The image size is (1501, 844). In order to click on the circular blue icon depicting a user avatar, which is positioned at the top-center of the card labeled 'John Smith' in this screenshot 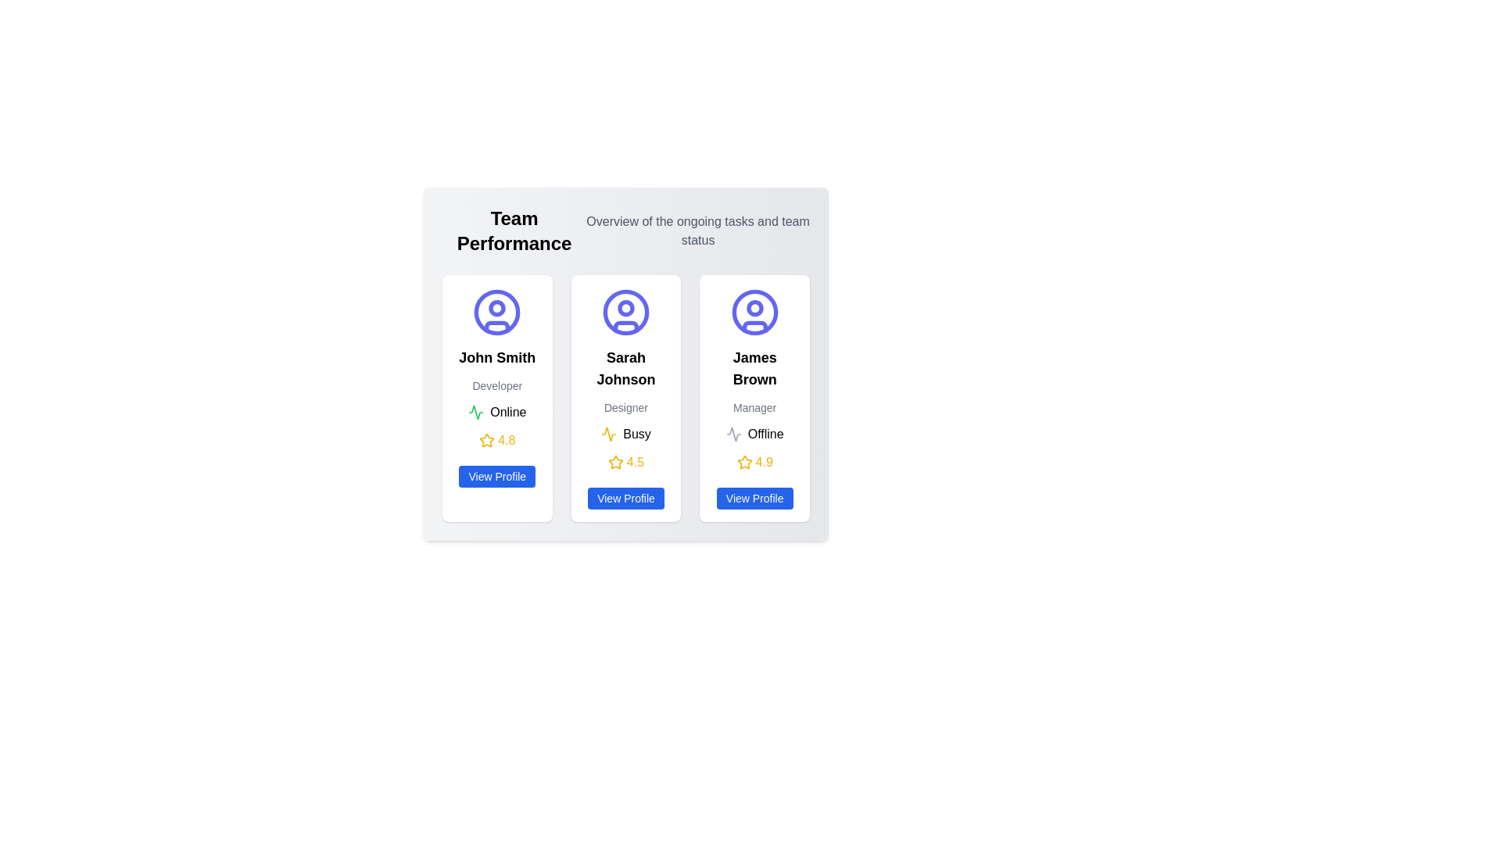, I will do `click(496, 313)`.